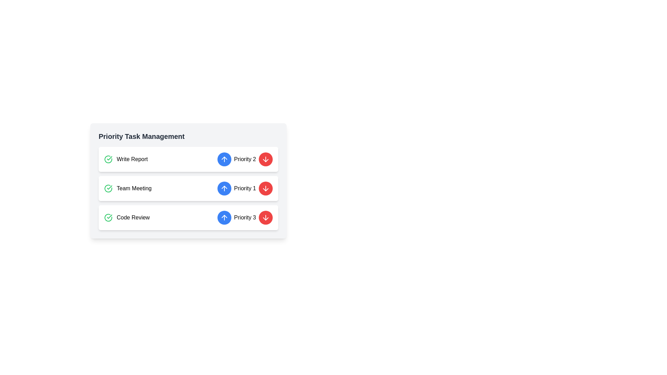  I want to click on text label 'Priority 2' located between the blue circular button with an upward arrow and the red circular button with a downward arrow in the right section of the 'Write Report' task row in the 'Priority Task Management' interface, so click(245, 159).